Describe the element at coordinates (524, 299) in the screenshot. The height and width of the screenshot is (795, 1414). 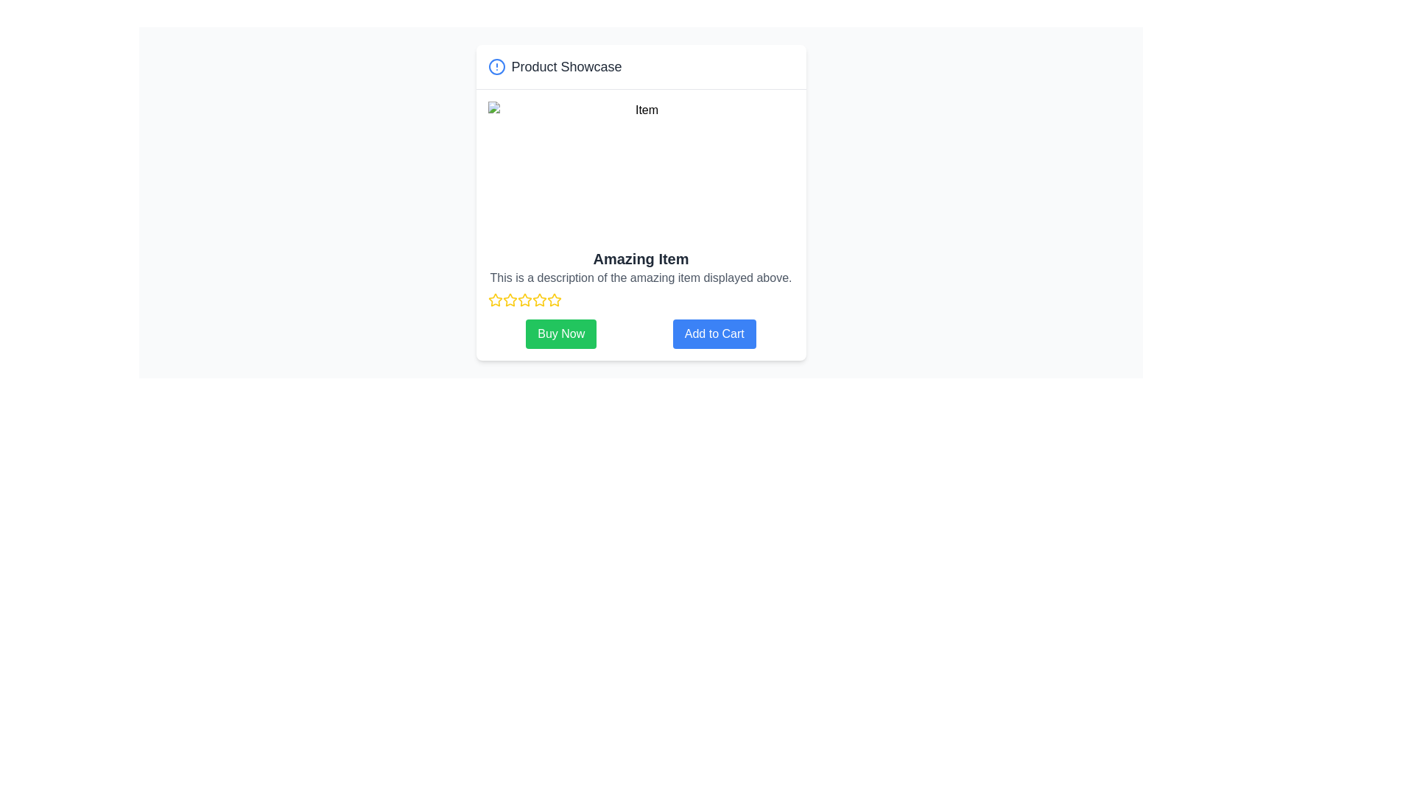
I see `the third star icon, which is a hollow star with a yellow border` at that location.